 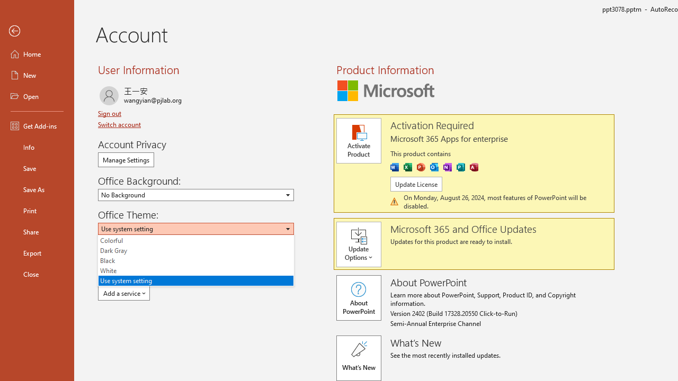 What do you see at coordinates (120, 124) in the screenshot?
I see `'Switch account'` at bounding box center [120, 124].